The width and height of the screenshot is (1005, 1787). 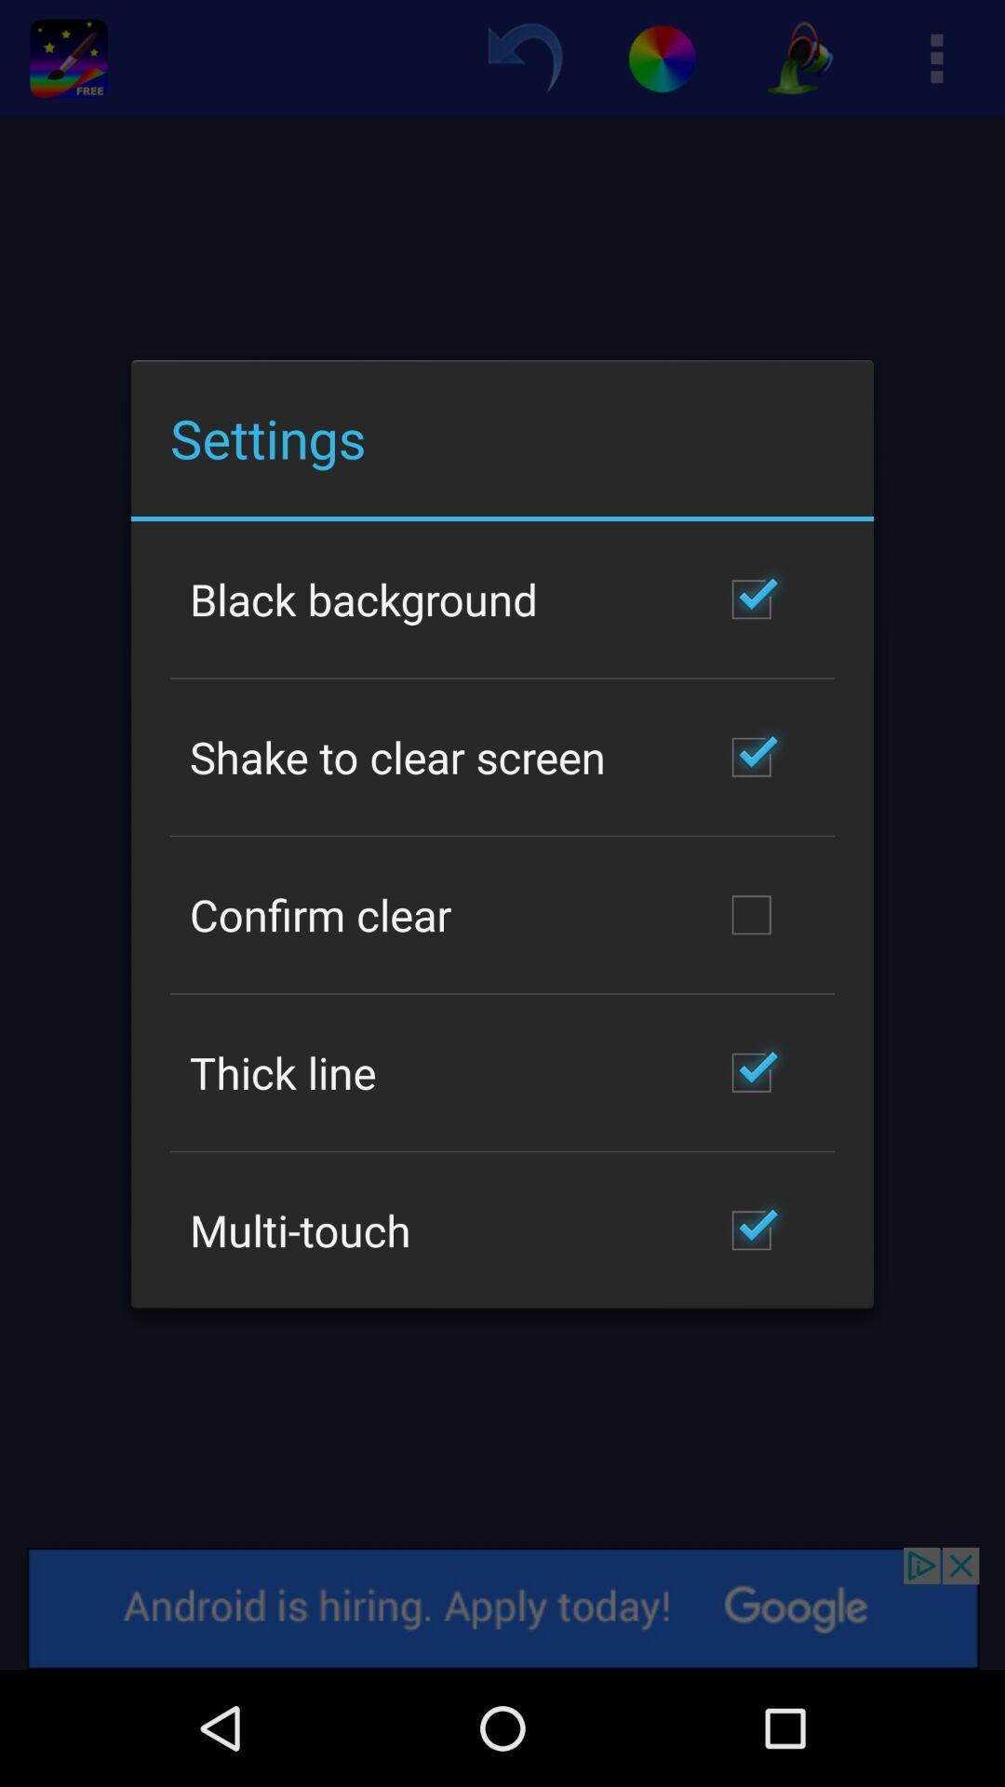 What do you see at coordinates (319, 914) in the screenshot?
I see `the item above thick line app` at bounding box center [319, 914].